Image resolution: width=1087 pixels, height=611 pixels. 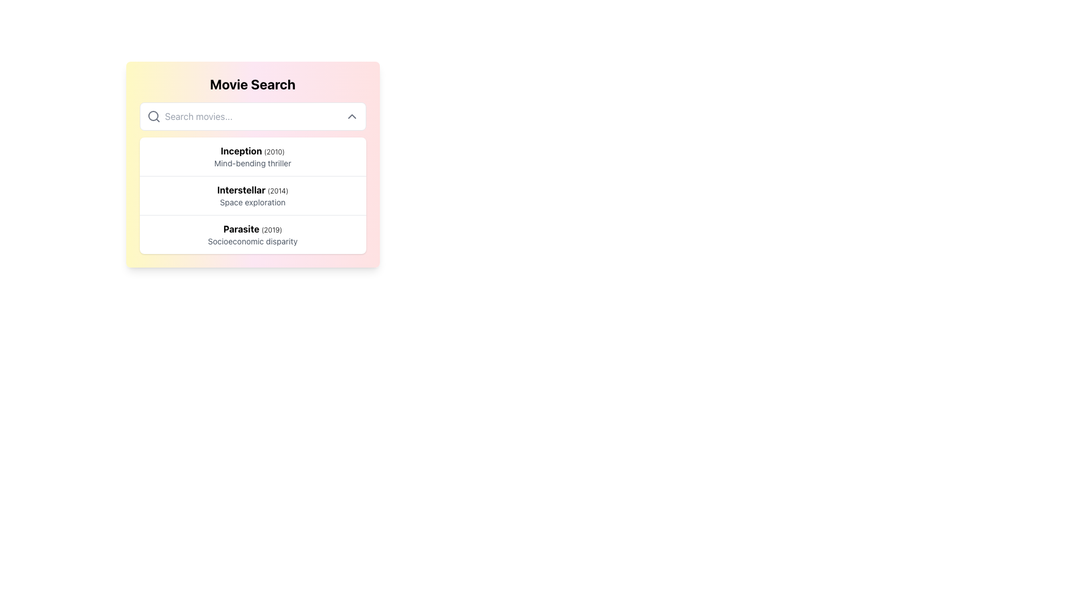 I want to click on the collapsible arrow of the Search input element located below the 'Movie Search' title, so click(x=252, y=116).